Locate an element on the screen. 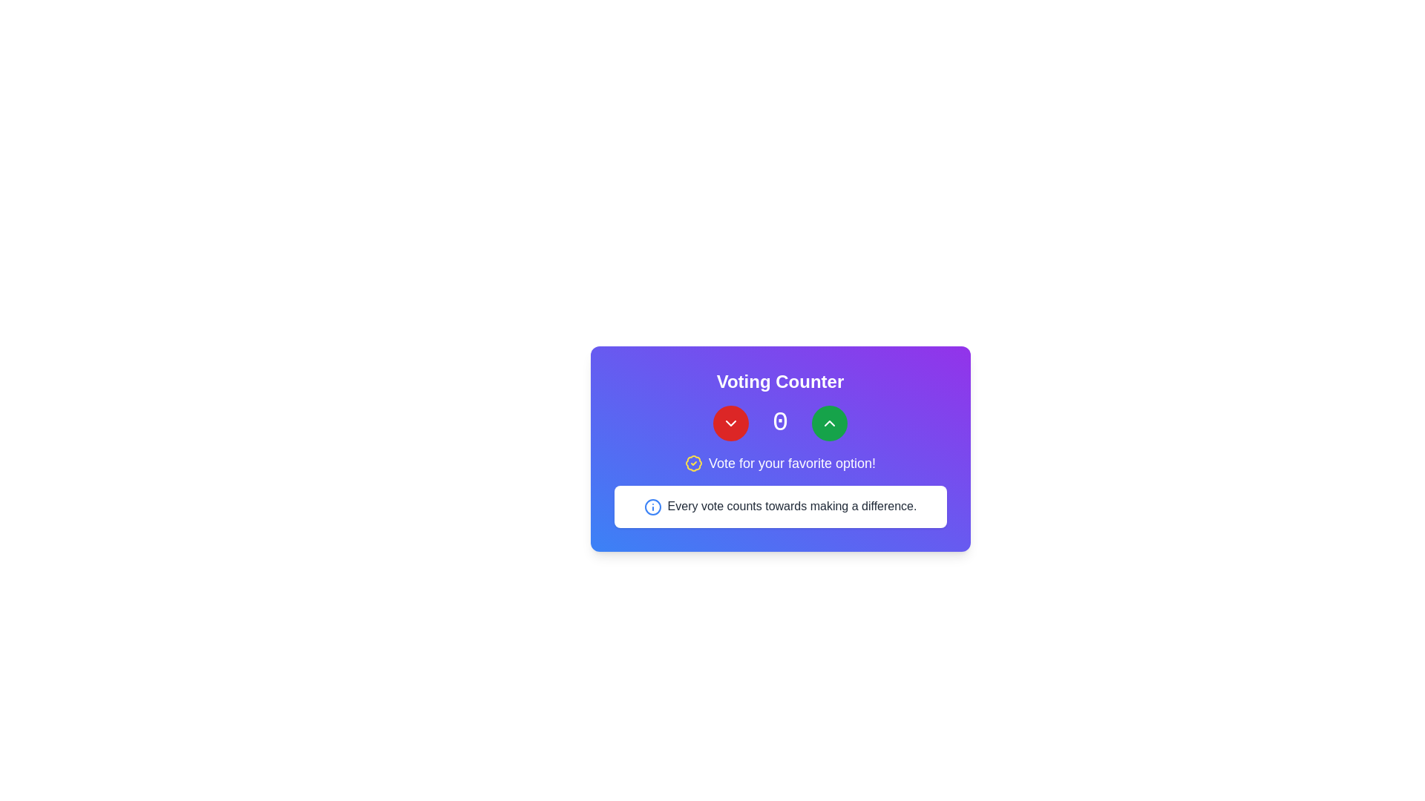 The image size is (1425, 801). value displayed on the central Text label that shows a count or numeric value, positioned between a red button on the left and a green button on the right is located at coordinates (779, 423).